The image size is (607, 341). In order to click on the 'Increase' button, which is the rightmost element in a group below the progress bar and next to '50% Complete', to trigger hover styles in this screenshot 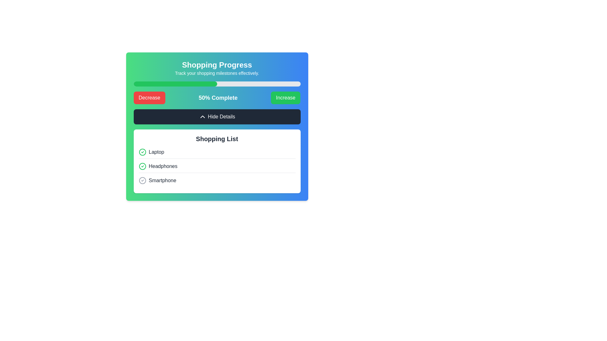, I will do `click(285, 98)`.